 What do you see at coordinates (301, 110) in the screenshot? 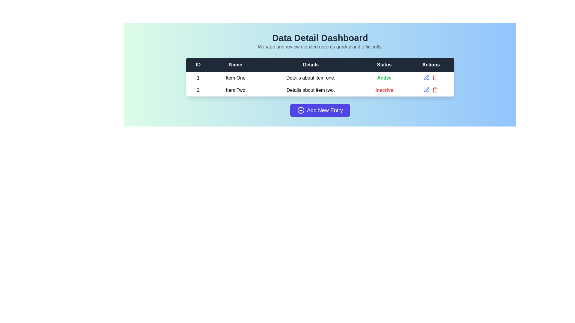
I see `SVG Circle Element that represents the outline of a plus circle icon within the 'Add New Entry' button, located at the bottom portion of the interface below the table` at bounding box center [301, 110].